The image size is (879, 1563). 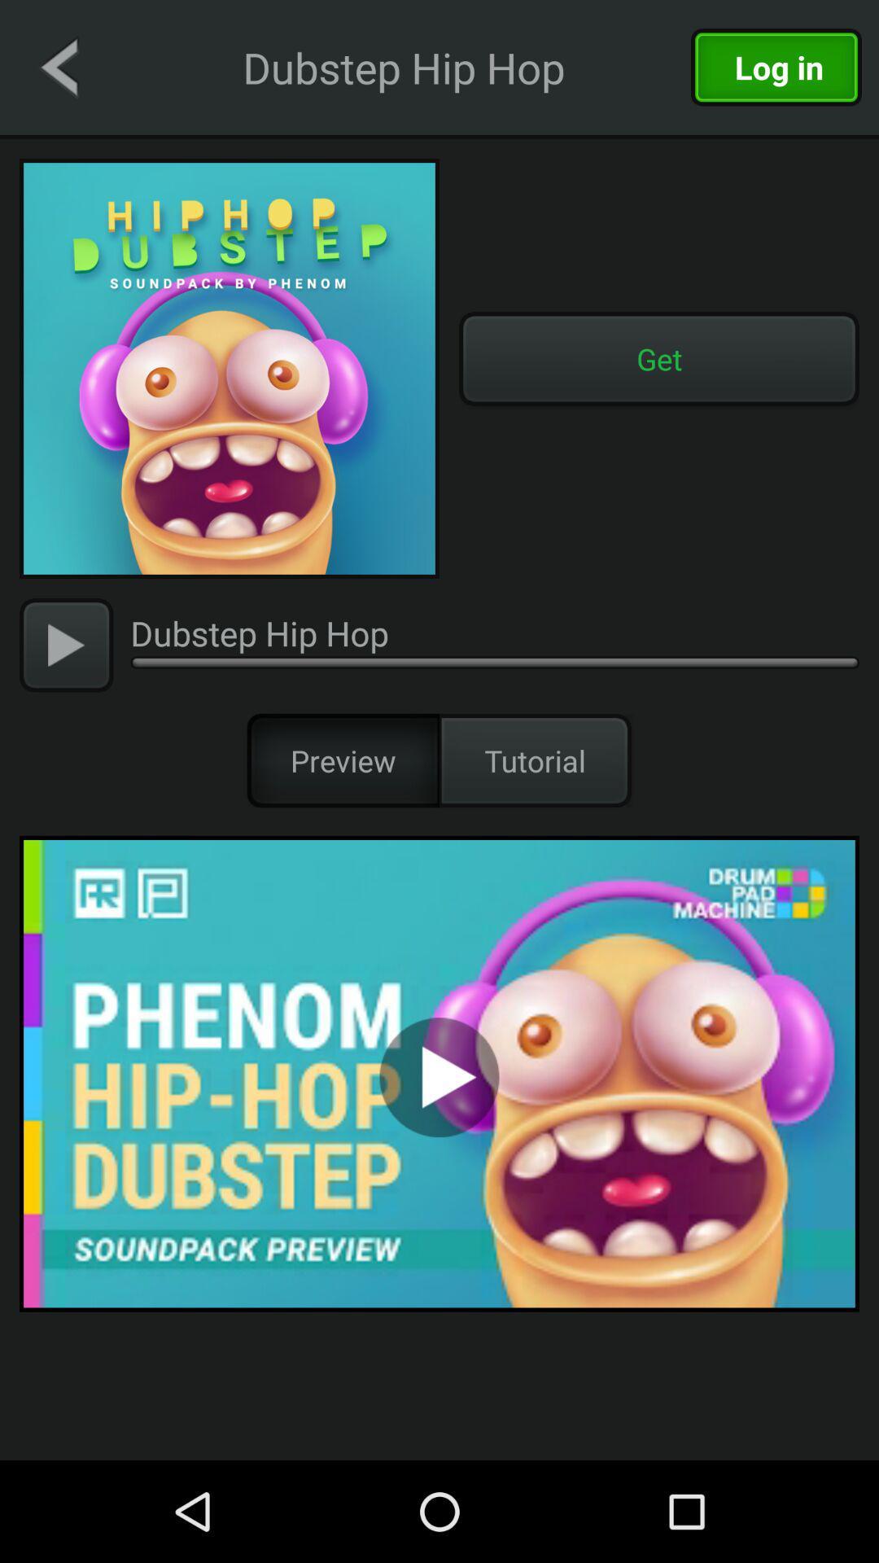 I want to click on the item below preview icon, so click(x=439, y=1074).